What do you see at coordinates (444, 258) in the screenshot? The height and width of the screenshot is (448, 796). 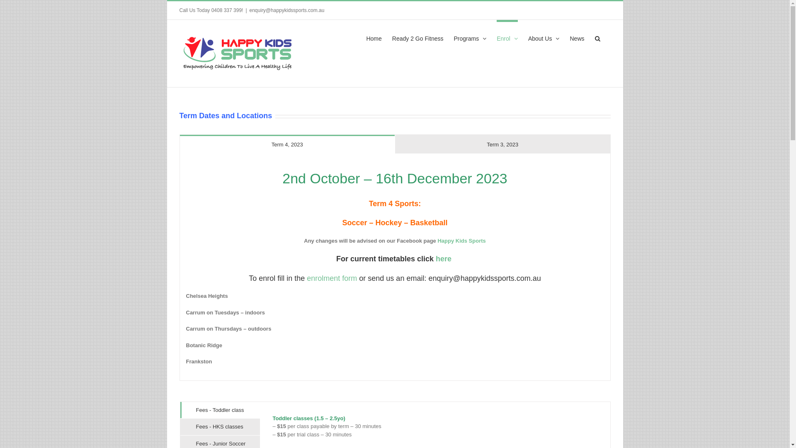 I see `'here '` at bounding box center [444, 258].